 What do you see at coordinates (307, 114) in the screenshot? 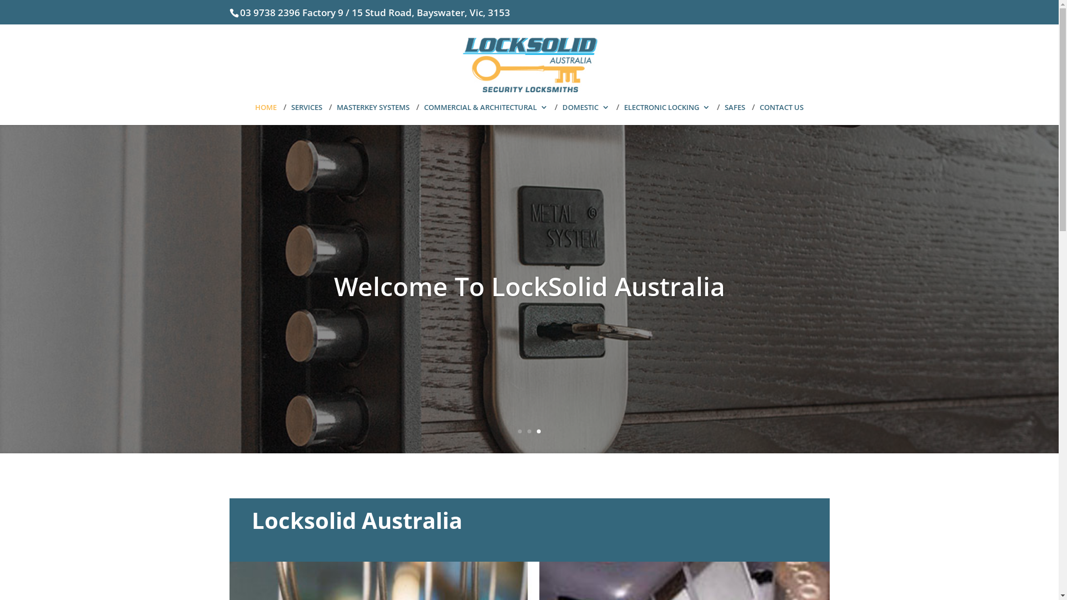
I see `'SERVICES'` at bounding box center [307, 114].